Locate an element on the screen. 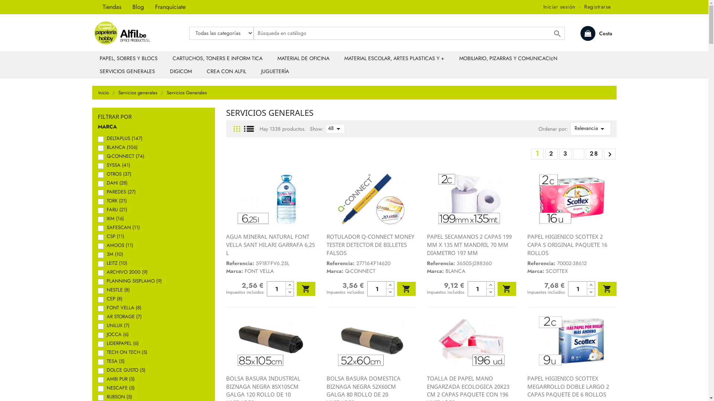 This screenshot has width=714, height=401. 'ROTULADOR Q-CONNECT MONEY TESTER DETECTOR DE BILLETES FALSOS' is located at coordinates (327, 244).